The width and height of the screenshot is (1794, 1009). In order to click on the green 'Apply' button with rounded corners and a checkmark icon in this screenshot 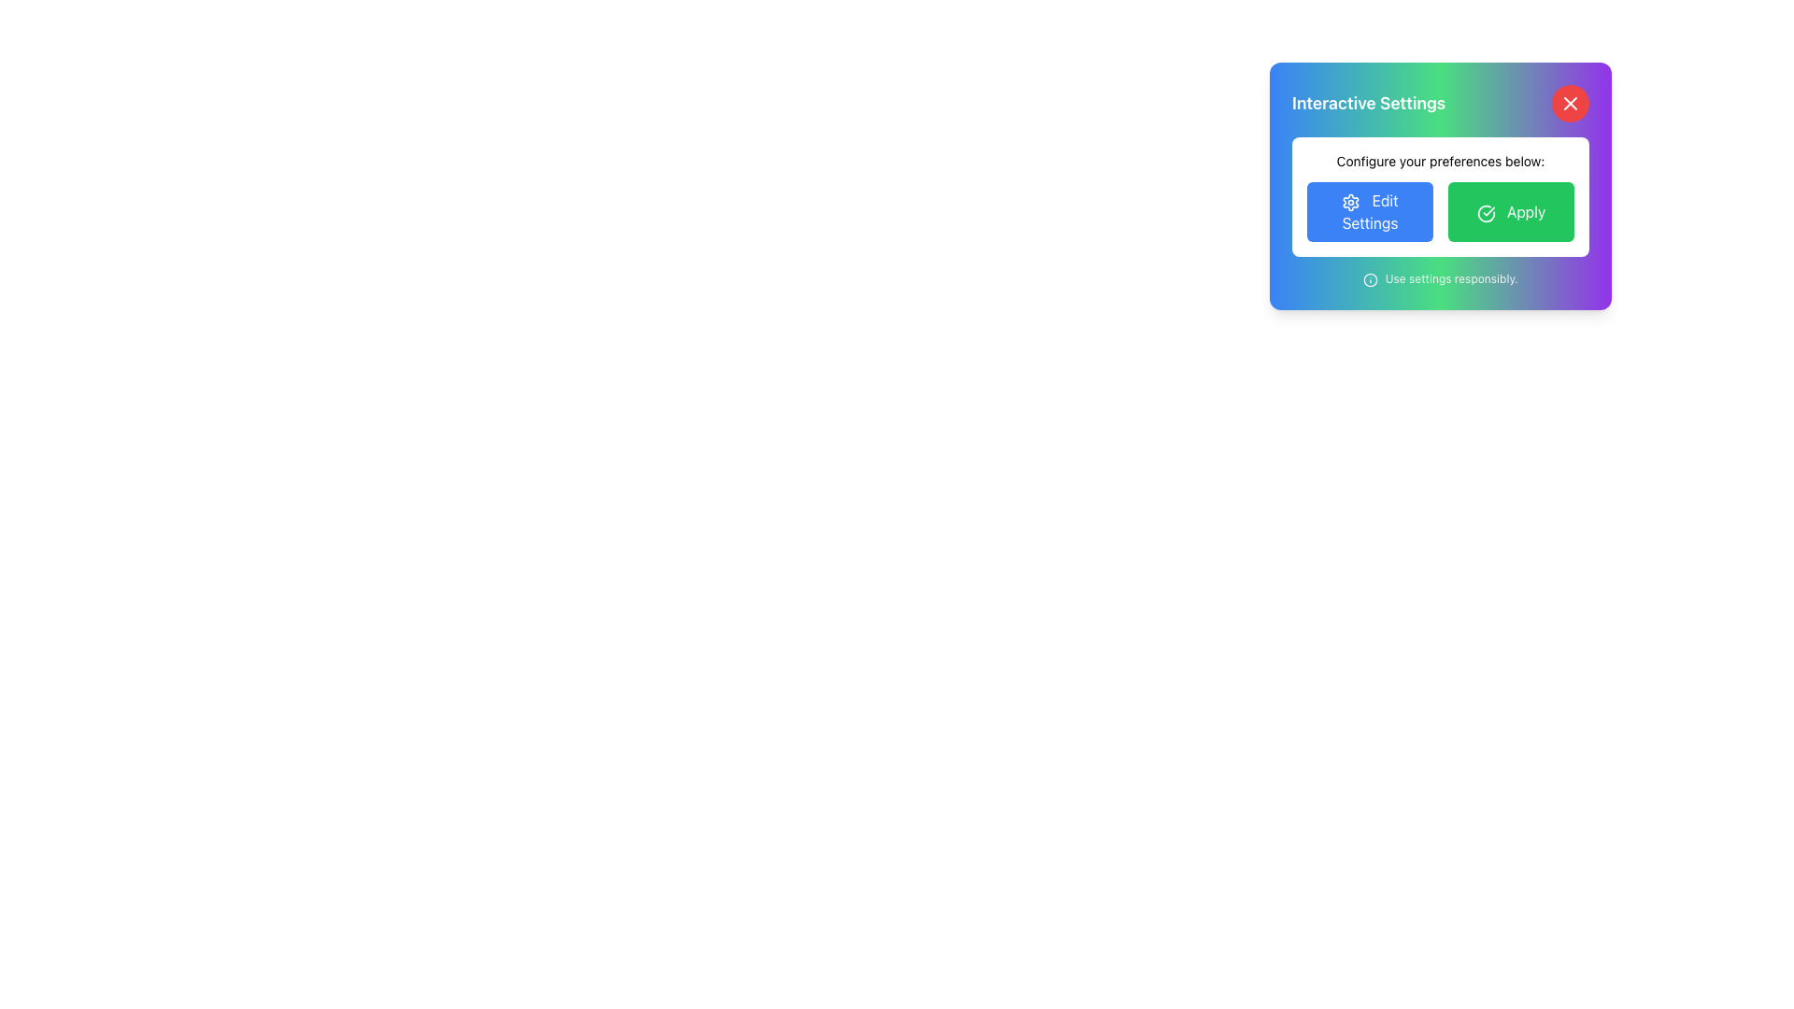, I will do `click(1511, 211)`.